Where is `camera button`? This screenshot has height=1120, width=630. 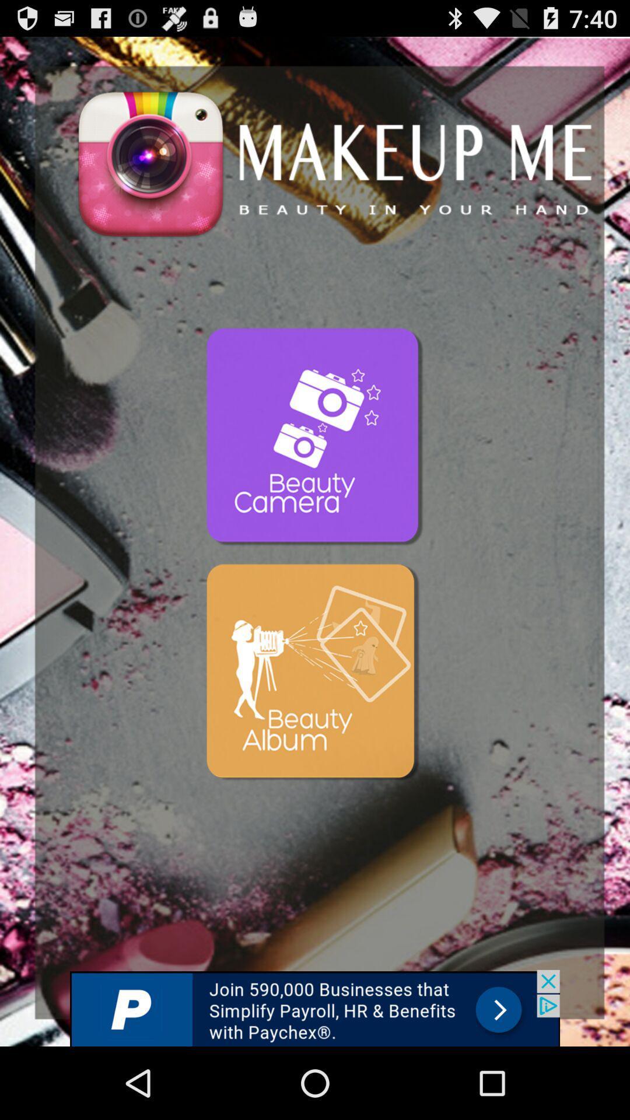
camera button is located at coordinates (315, 437).